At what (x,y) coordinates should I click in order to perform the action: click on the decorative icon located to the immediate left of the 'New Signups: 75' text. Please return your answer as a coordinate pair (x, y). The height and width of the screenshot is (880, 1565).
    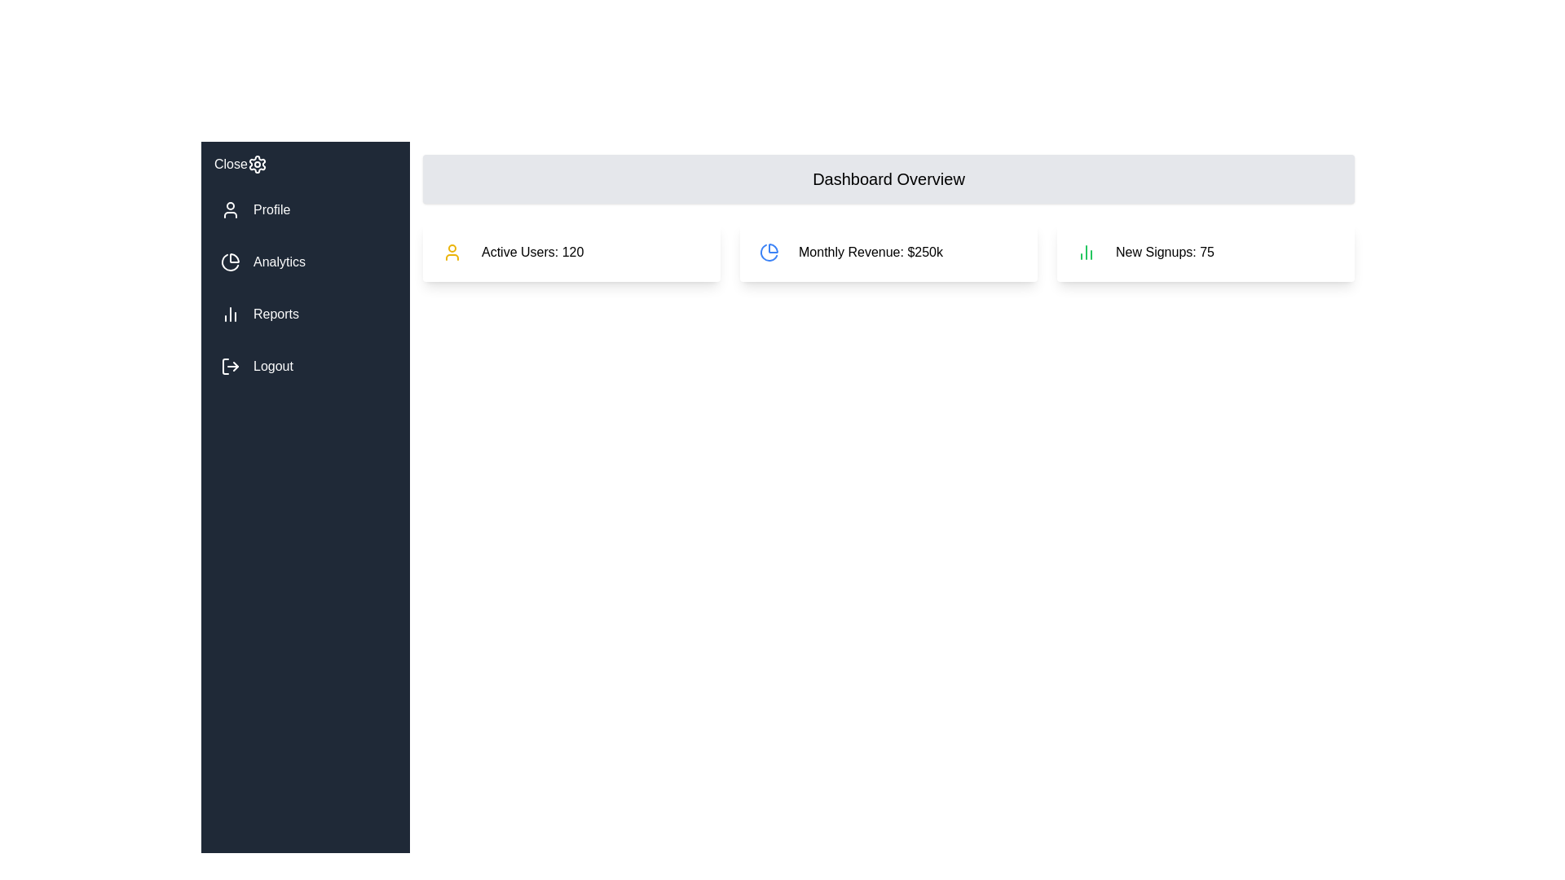
    Looking at the image, I should click on (1087, 252).